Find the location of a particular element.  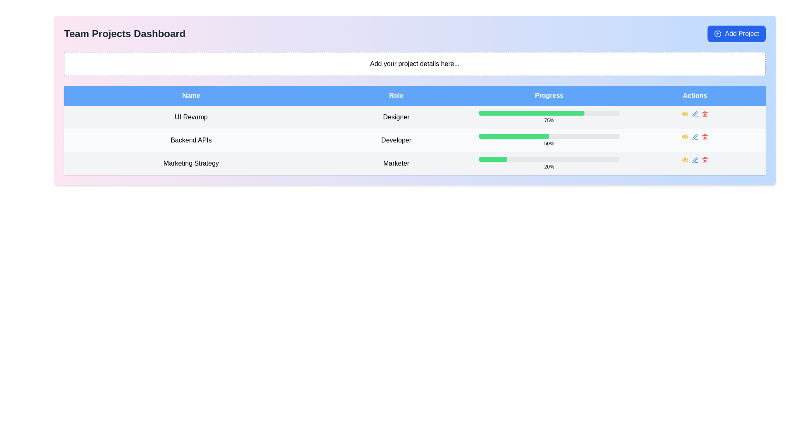

the red trash can icon button located in the last column of the table under the 'Actions' header in the third row corresponding to 'Backend APIs' is located at coordinates (704, 136).